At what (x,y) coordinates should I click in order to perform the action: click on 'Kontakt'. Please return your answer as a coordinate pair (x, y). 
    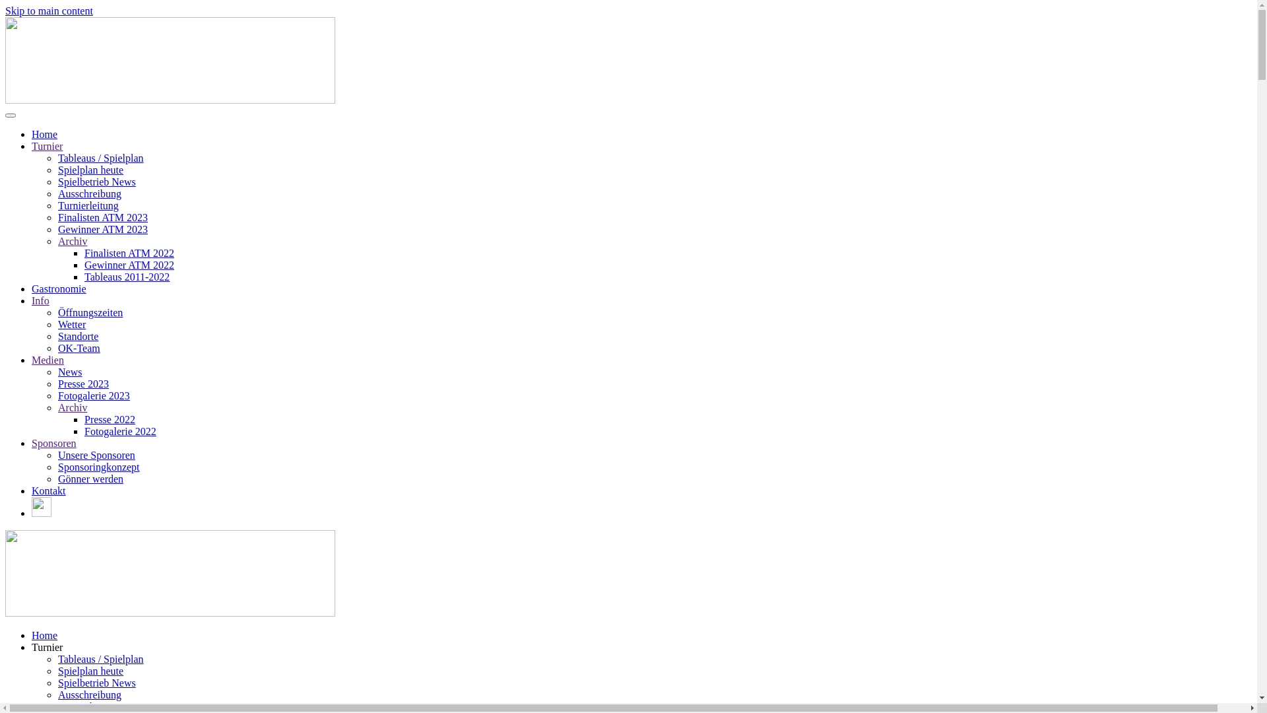
    Looking at the image, I should click on (48, 491).